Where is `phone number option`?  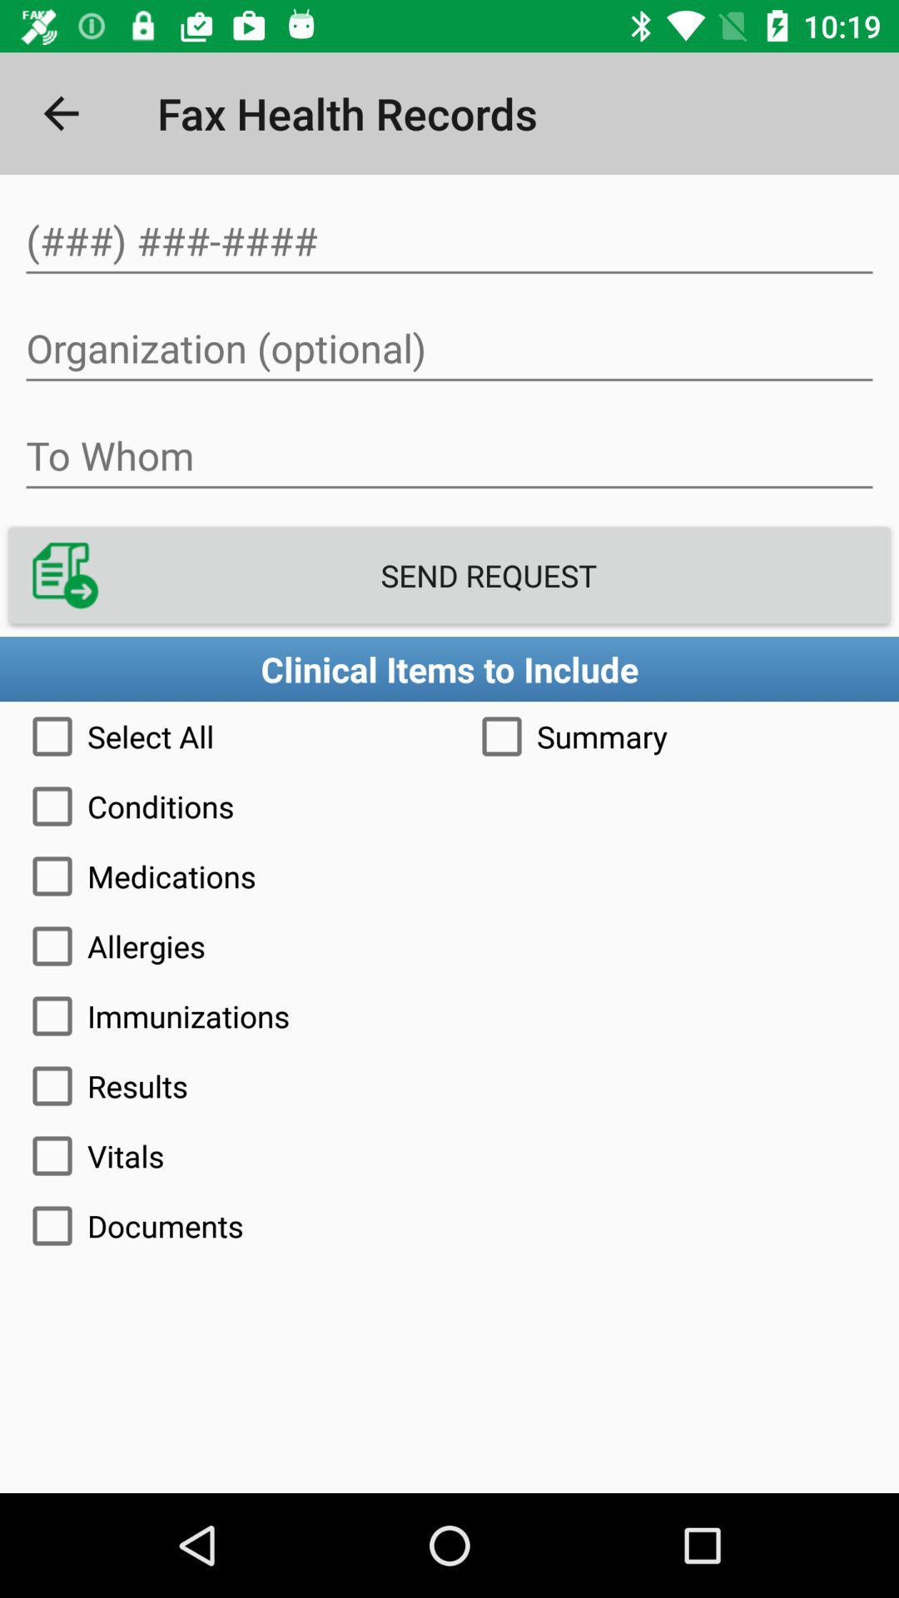
phone number option is located at coordinates (449, 241).